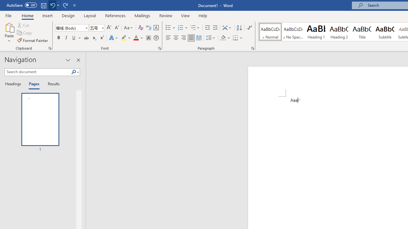  What do you see at coordinates (65, 5) in the screenshot?
I see `'Redo Increase Indent'` at bounding box center [65, 5].